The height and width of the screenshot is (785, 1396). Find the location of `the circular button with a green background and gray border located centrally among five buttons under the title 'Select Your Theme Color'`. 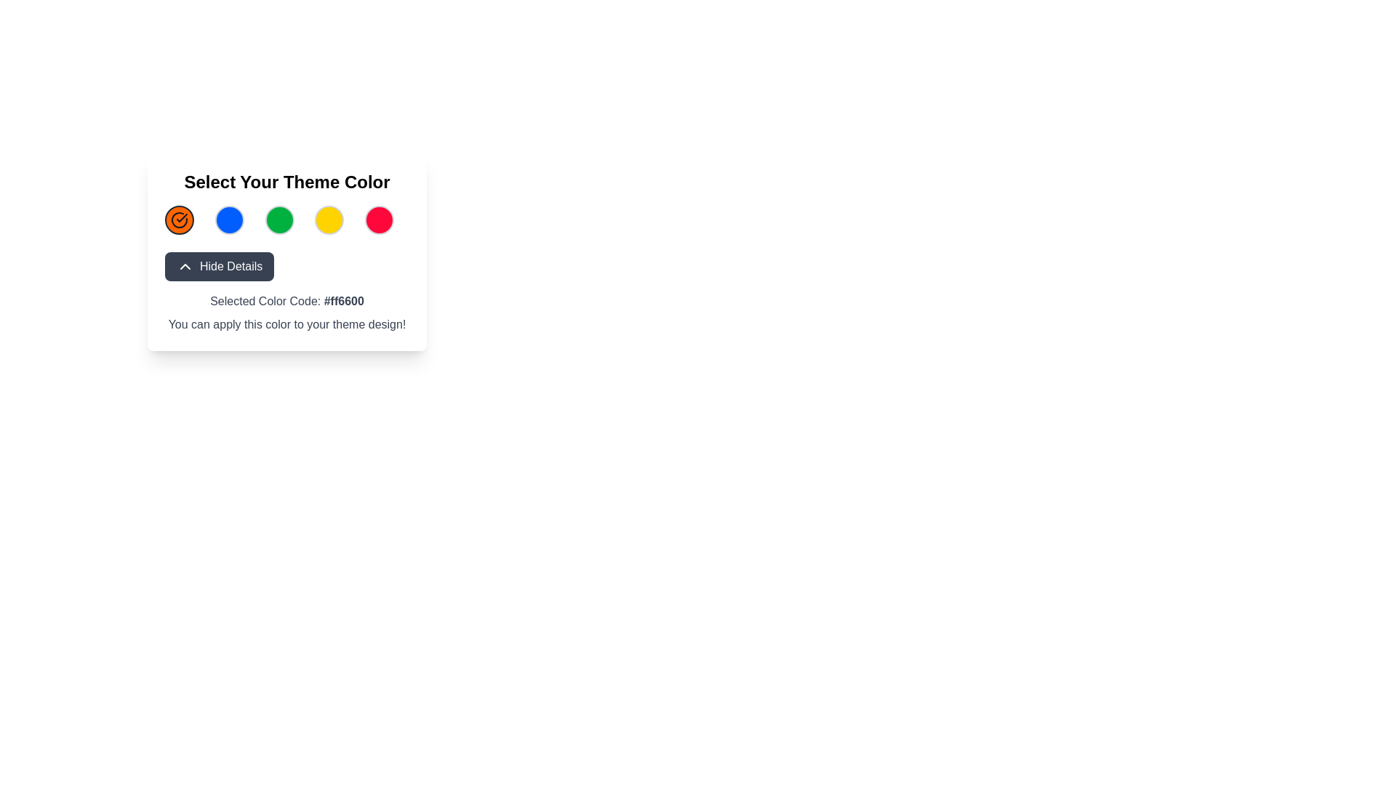

the circular button with a green background and gray border located centrally among five buttons under the title 'Select Your Theme Color' is located at coordinates (279, 220).